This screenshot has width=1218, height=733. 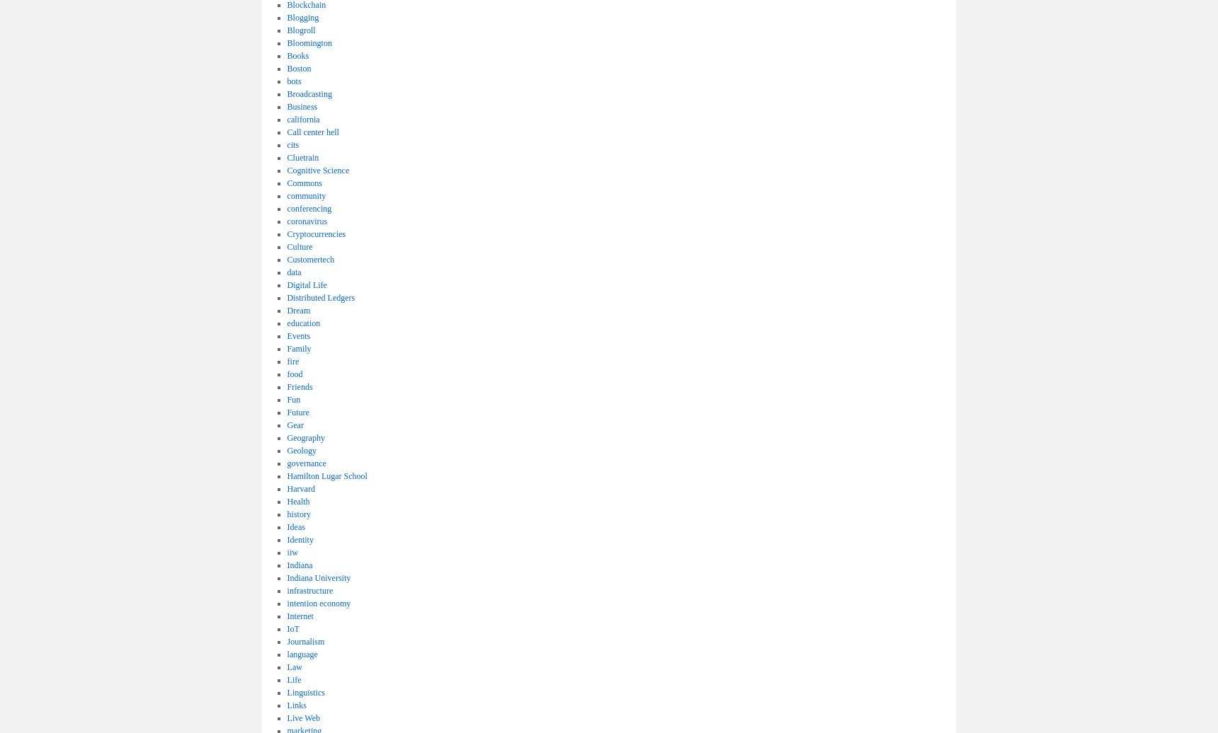 What do you see at coordinates (287, 323) in the screenshot?
I see `'education'` at bounding box center [287, 323].